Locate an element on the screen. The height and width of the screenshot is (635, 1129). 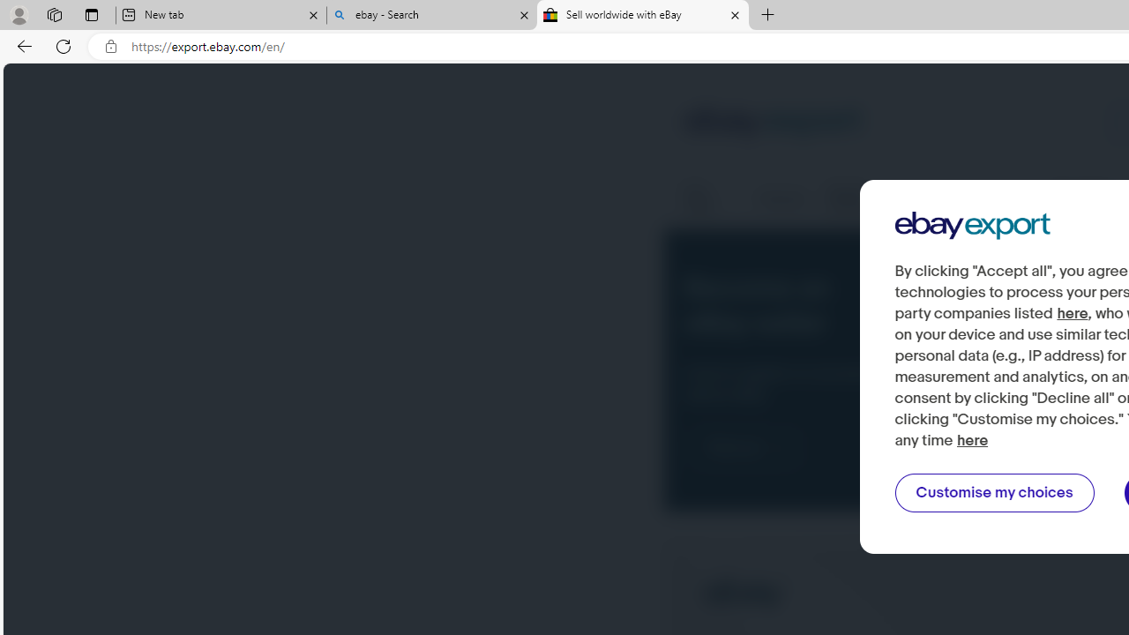
'Refresh' is located at coordinates (64, 45).